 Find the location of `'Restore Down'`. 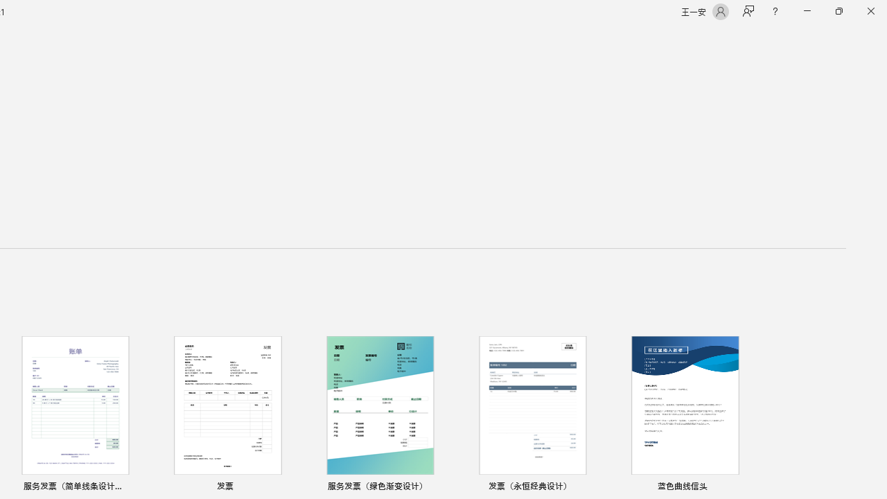

'Restore Down' is located at coordinates (838, 11).